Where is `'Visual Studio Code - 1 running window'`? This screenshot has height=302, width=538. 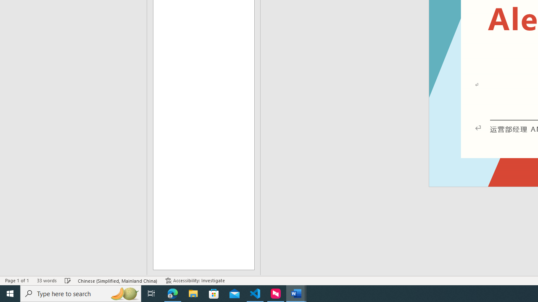 'Visual Studio Code - 1 running window' is located at coordinates (255, 293).